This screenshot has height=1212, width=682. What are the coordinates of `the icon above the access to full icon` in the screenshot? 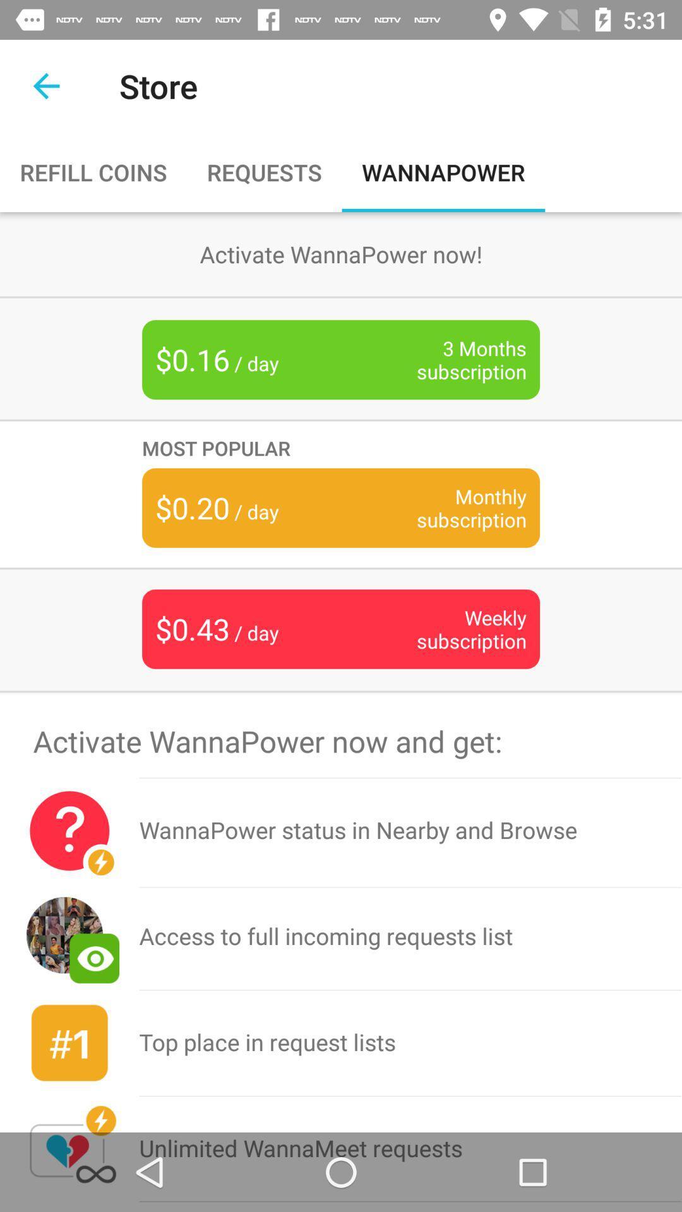 It's located at (410, 831).